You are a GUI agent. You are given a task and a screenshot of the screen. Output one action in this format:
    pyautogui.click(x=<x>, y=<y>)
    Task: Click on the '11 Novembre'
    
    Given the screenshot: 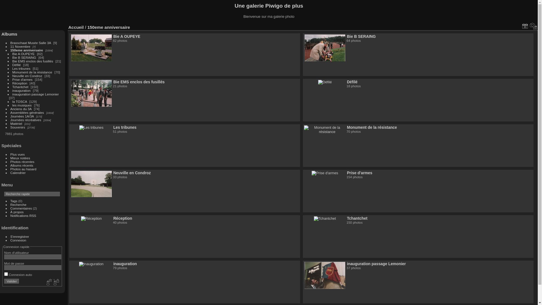 What is the action you would take?
    pyautogui.click(x=20, y=46)
    